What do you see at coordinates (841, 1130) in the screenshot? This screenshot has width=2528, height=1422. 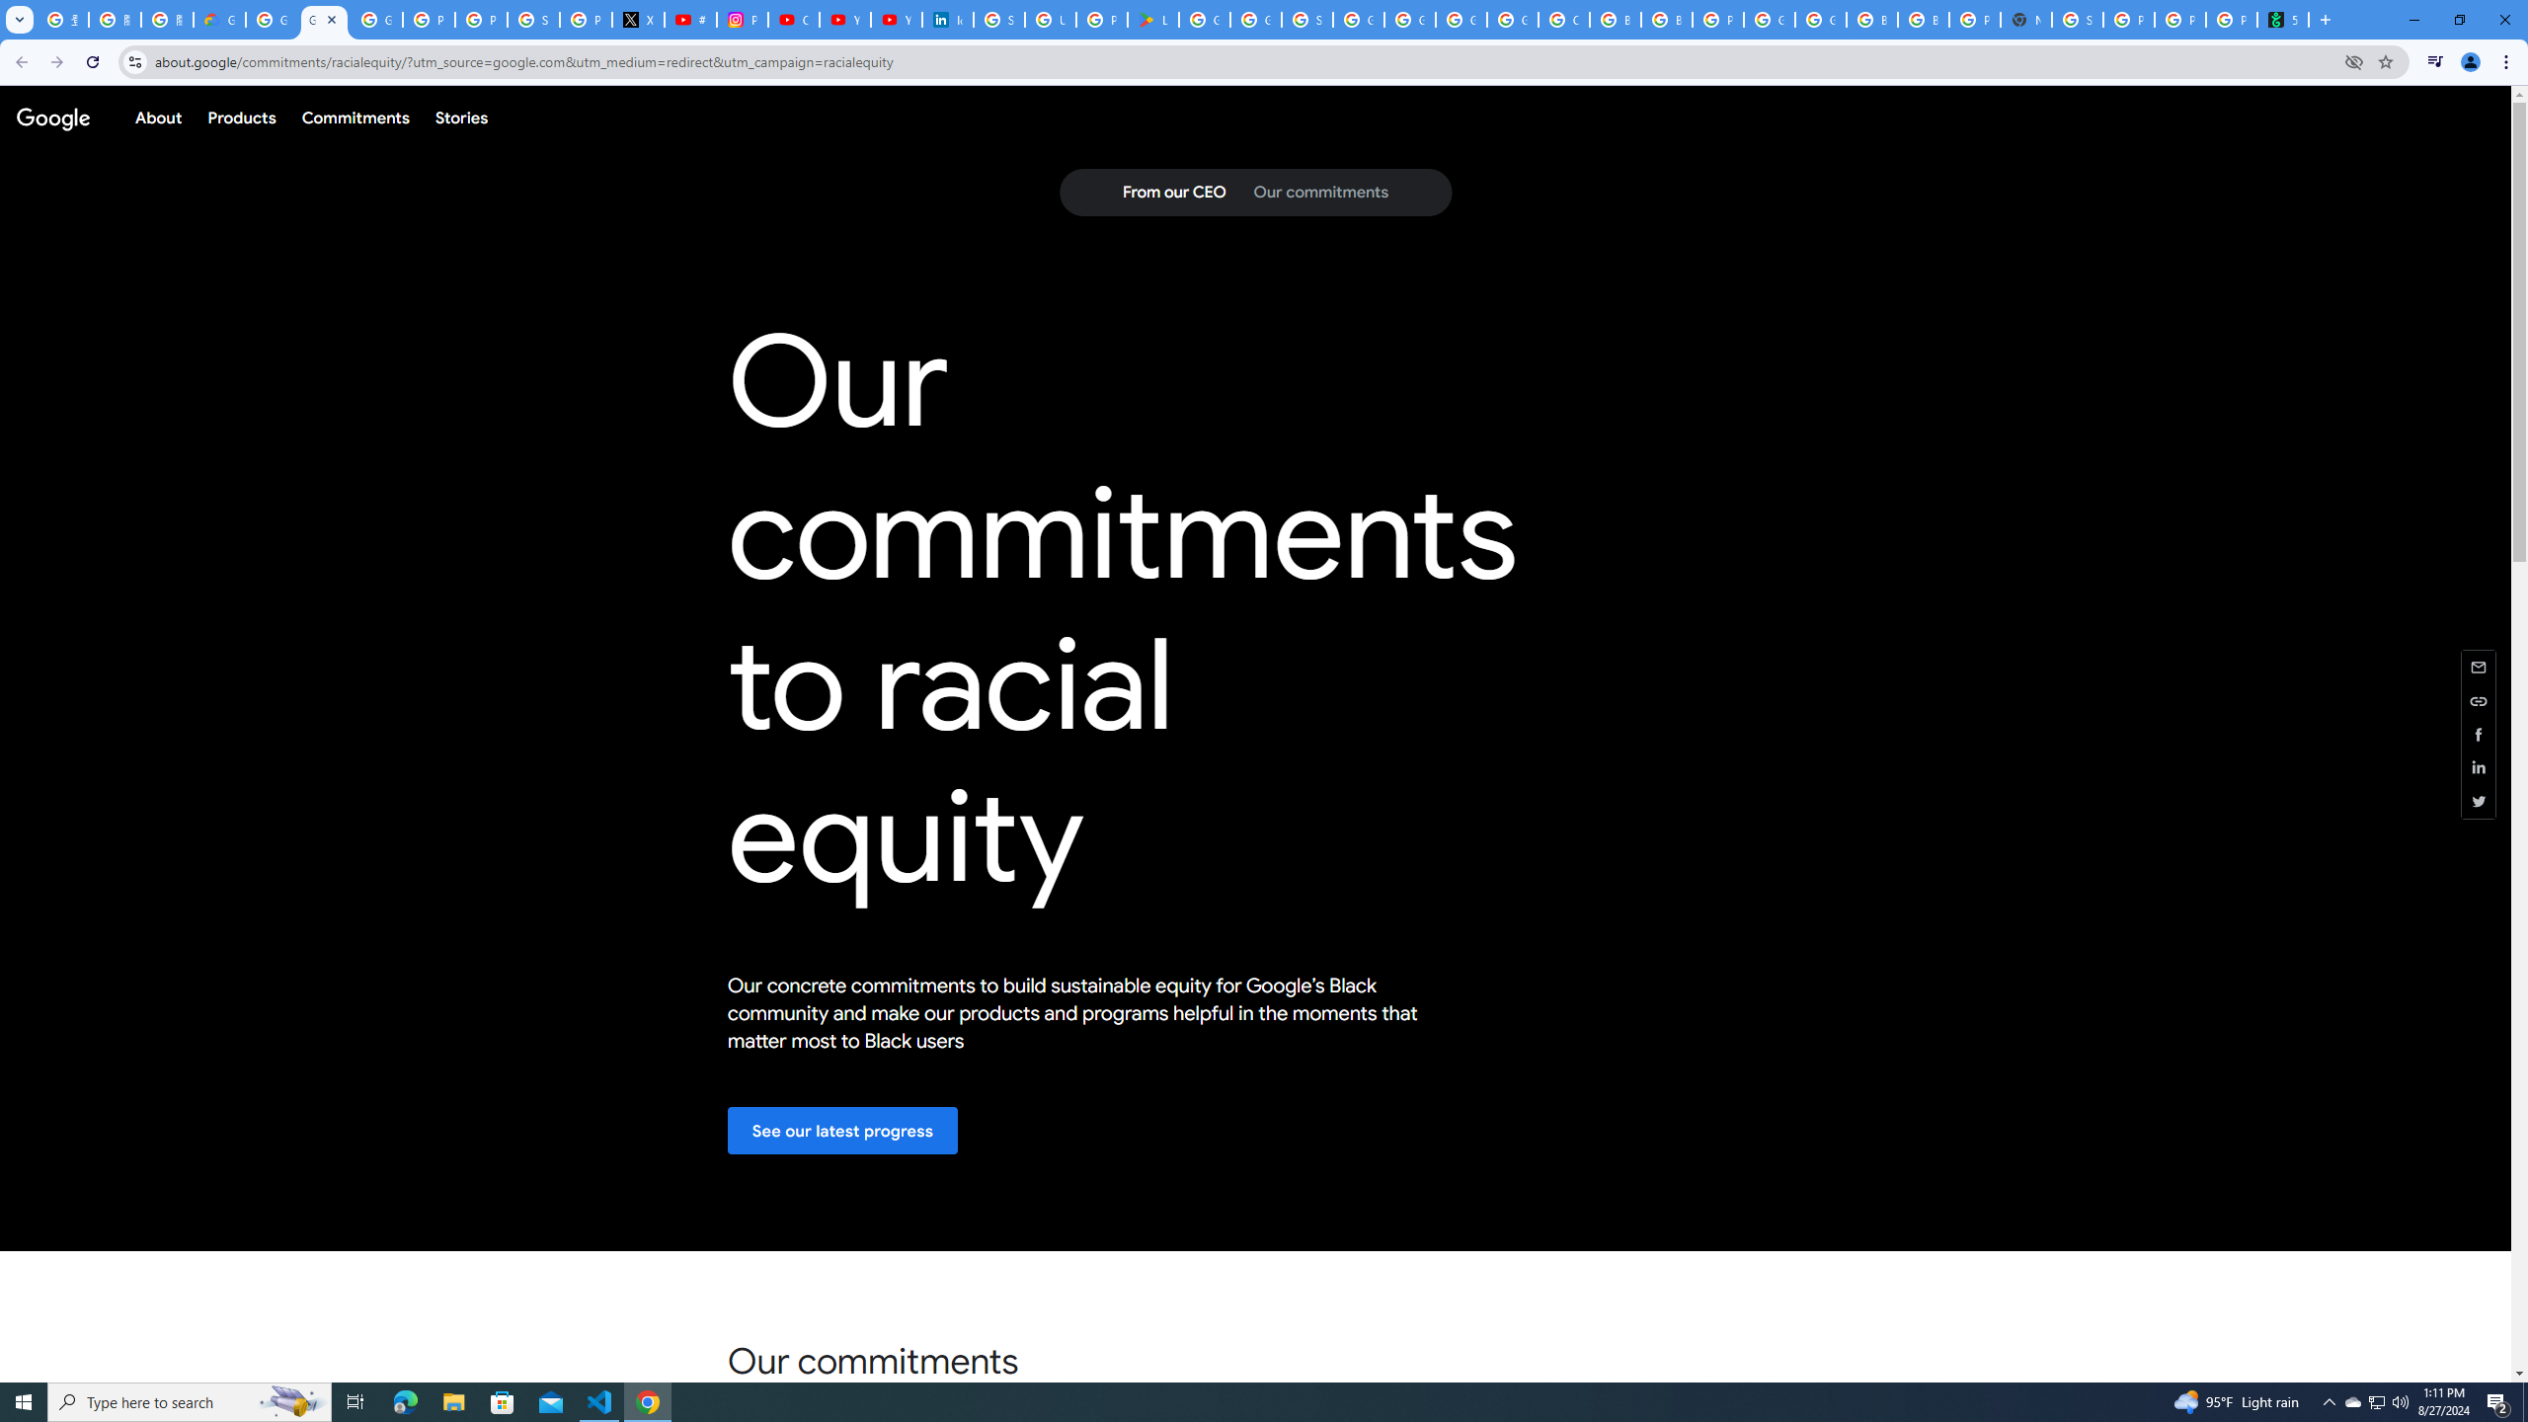 I see `'See our latest progress'` at bounding box center [841, 1130].